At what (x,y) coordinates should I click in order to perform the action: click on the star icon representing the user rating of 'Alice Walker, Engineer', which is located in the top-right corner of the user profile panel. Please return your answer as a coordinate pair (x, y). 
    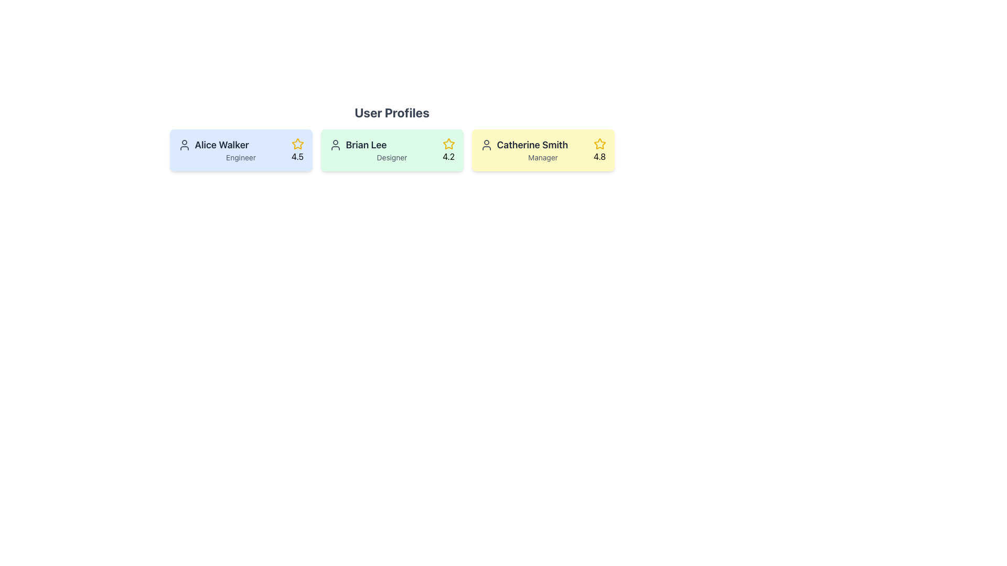
    Looking at the image, I should click on (297, 144).